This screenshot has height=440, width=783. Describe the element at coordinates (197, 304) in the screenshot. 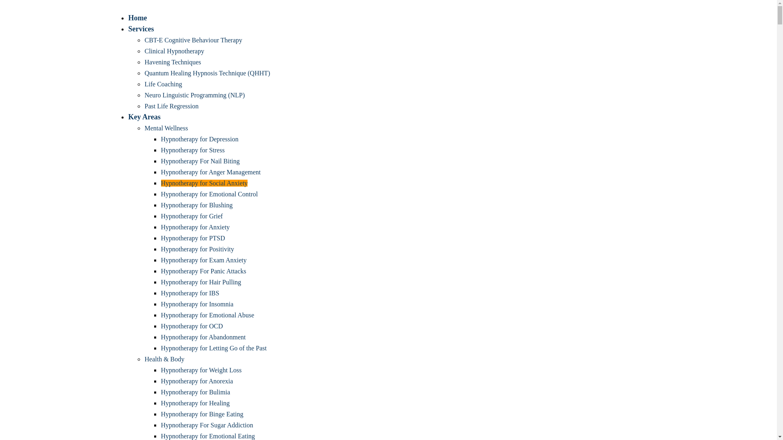

I see `'Hypnotherapy for Insomnia'` at that location.